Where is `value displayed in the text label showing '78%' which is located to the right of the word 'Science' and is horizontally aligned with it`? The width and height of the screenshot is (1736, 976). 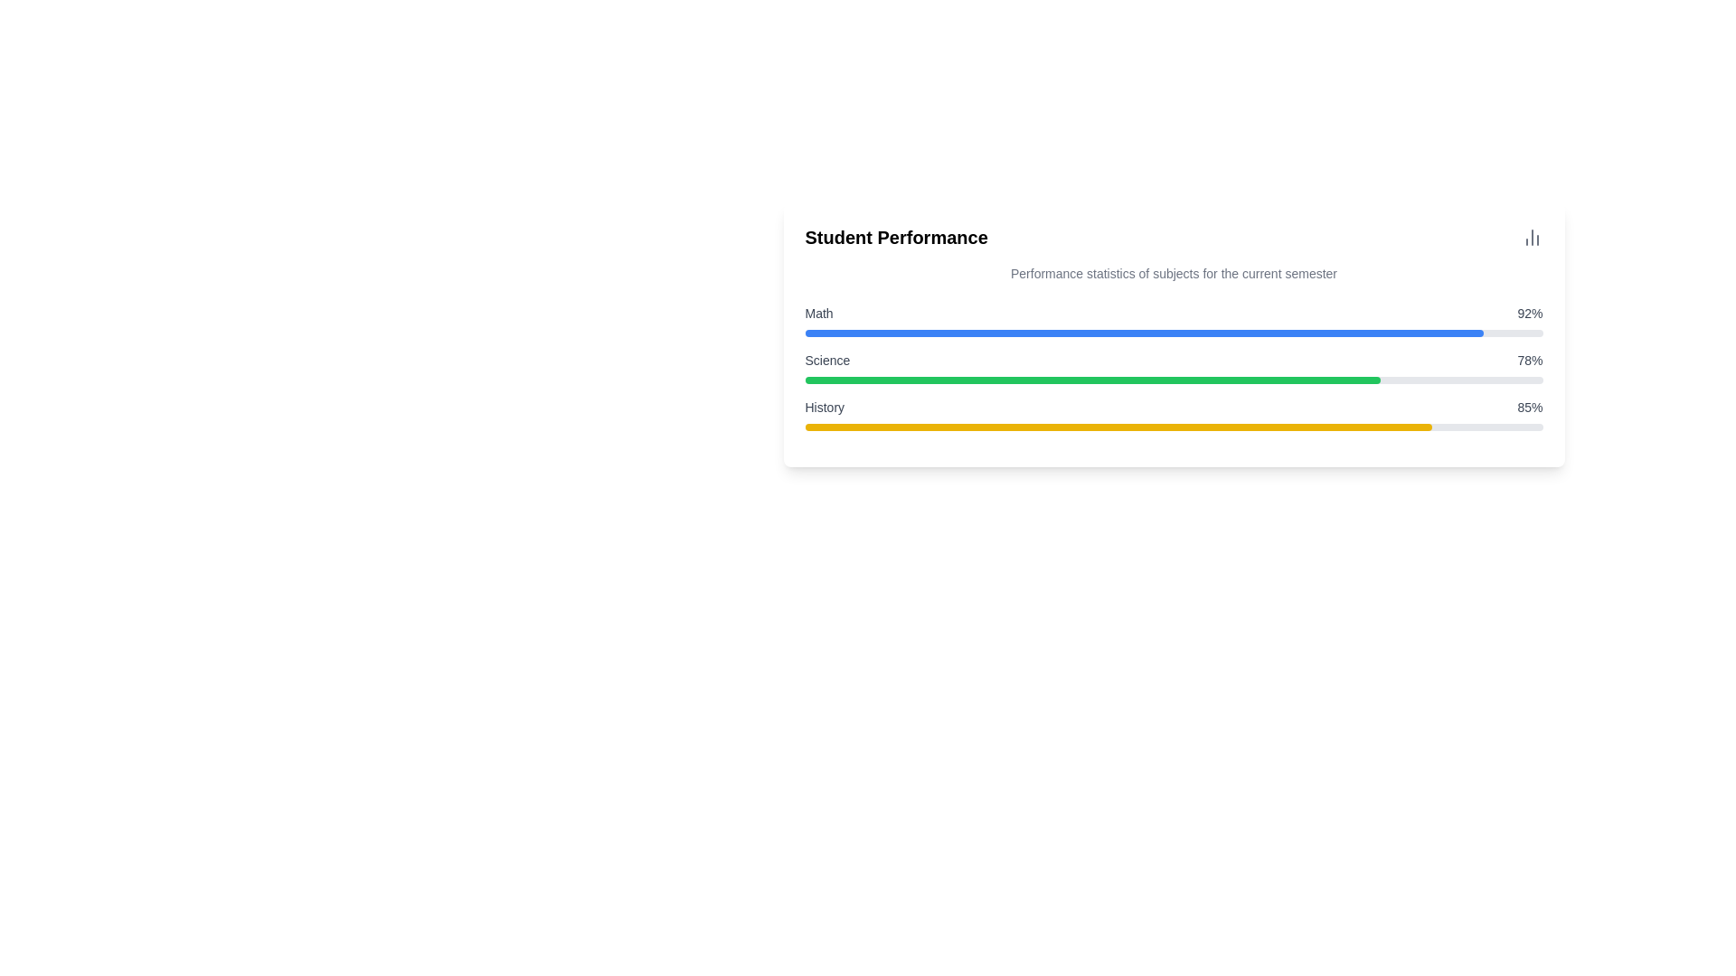 value displayed in the text label showing '78%' which is located to the right of the word 'Science' and is horizontally aligned with it is located at coordinates (1529, 360).